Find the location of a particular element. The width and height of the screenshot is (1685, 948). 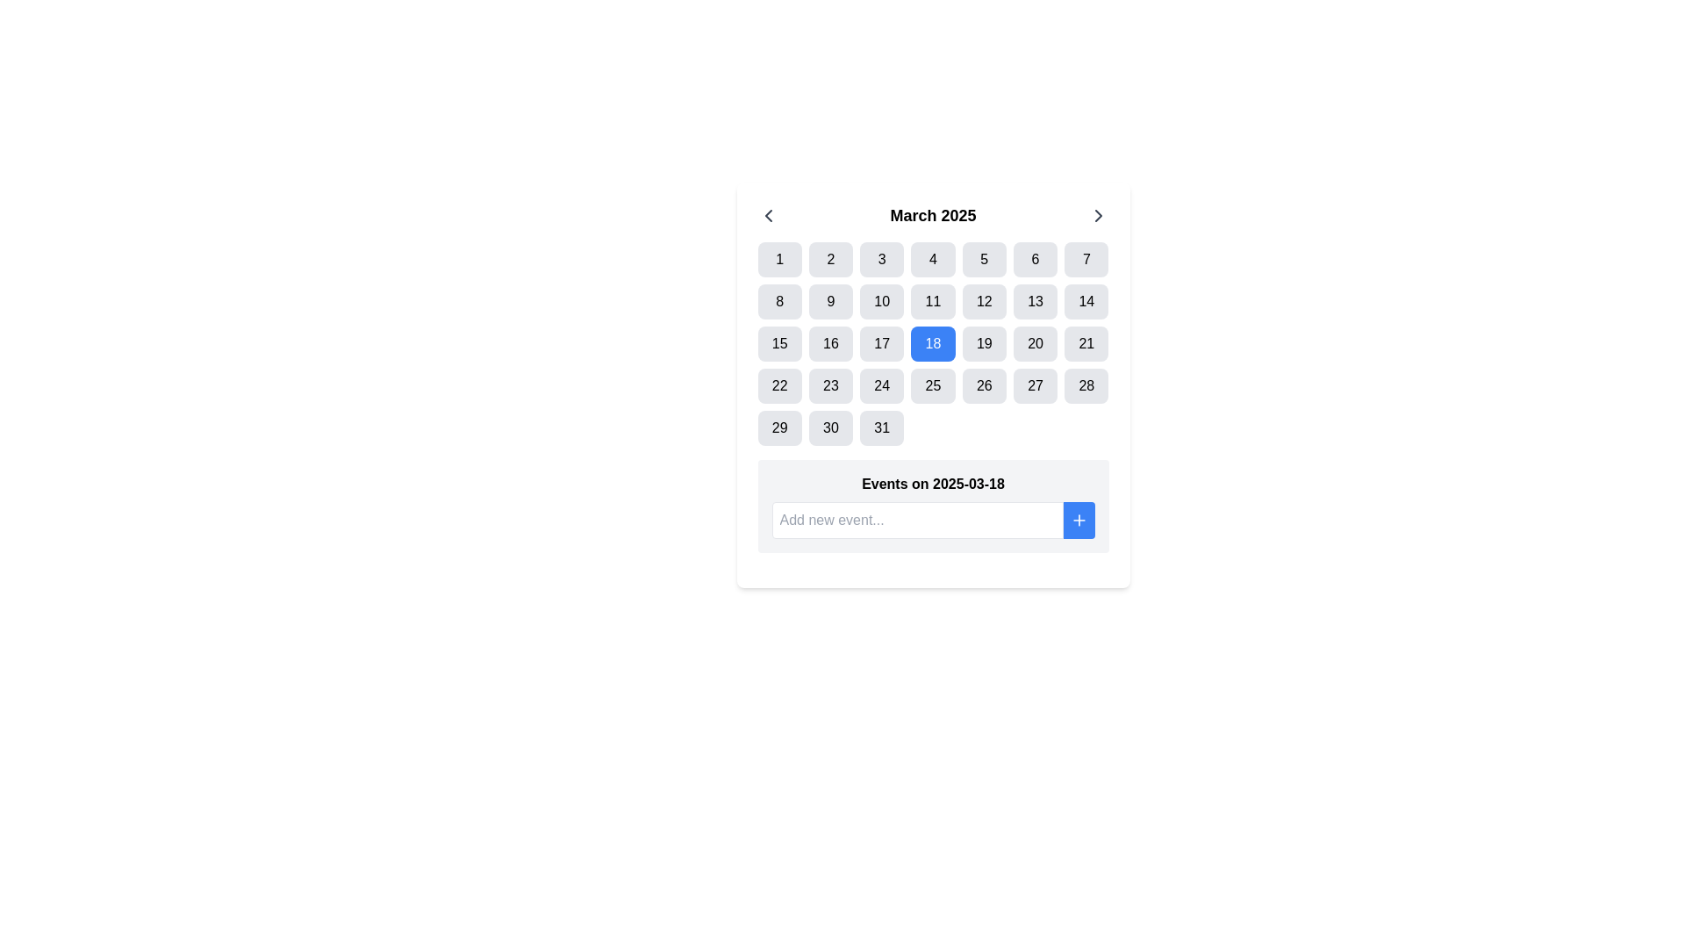

the small, square button with a rounded border and light gray background, which contains the centered text '8' in bold, black font is located at coordinates (778, 300).